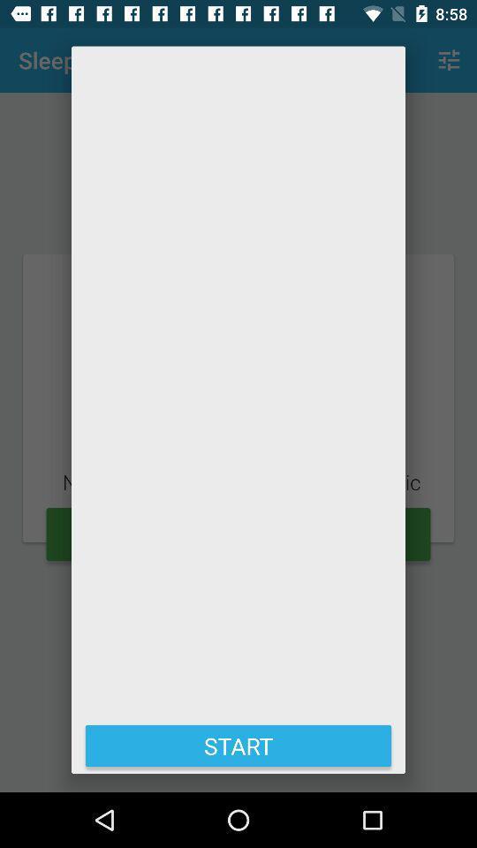  I want to click on the start at the bottom, so click(238, 745).